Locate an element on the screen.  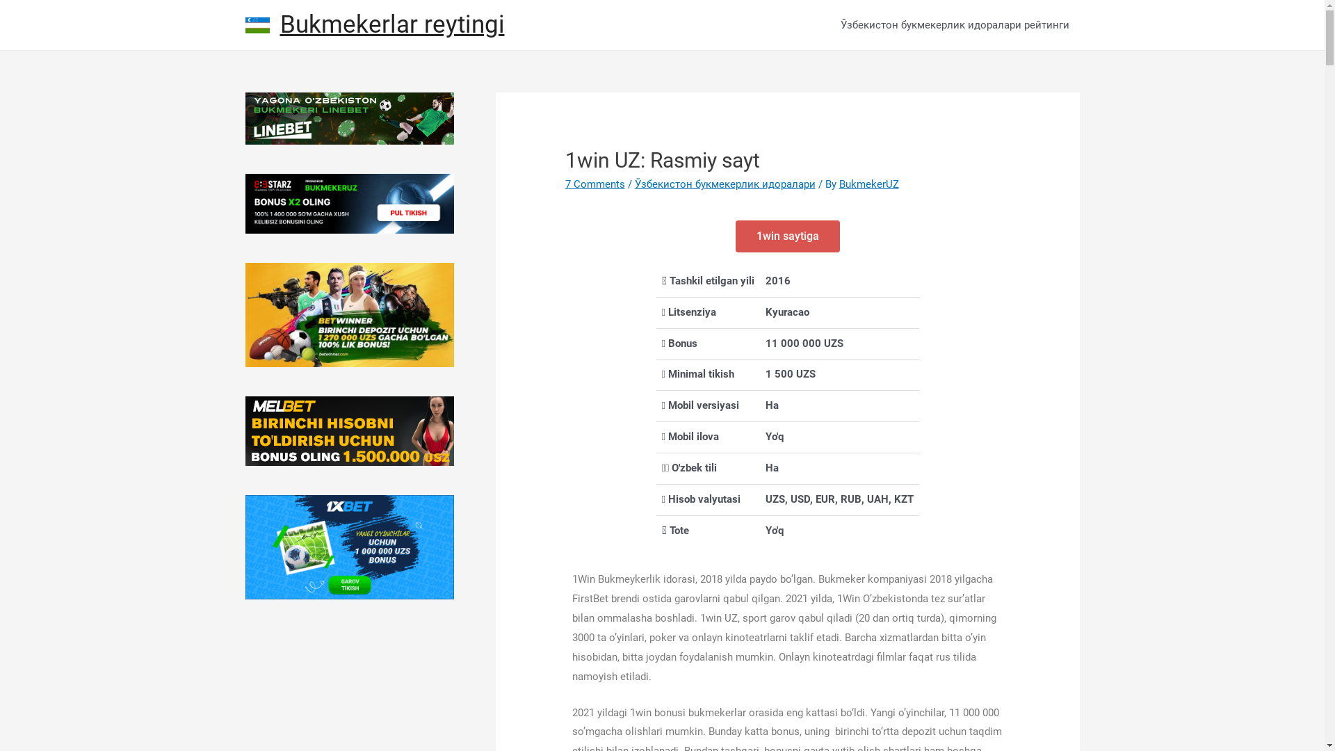
'Bukmekerlar reytingi' is located at coordinates (391, 24).